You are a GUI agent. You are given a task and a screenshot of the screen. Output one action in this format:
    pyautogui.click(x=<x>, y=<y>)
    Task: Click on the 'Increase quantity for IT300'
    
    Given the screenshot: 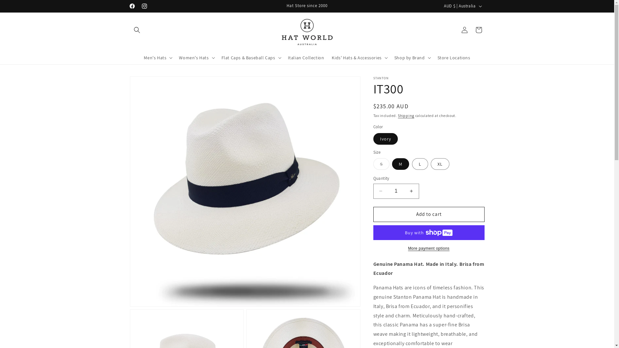 What is the action you would take?
    pyautogui.click(x=411, y=191)
    